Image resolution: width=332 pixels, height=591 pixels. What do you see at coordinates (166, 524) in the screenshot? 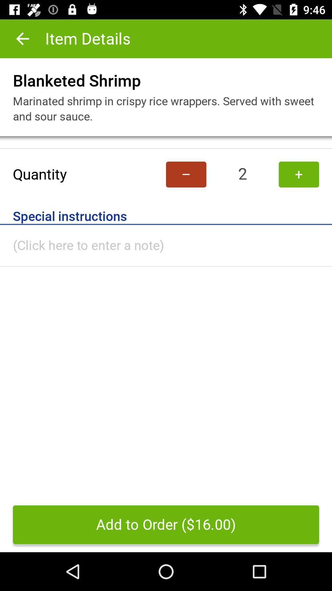
I see `add to order icon` at bounding box center [166, 524].